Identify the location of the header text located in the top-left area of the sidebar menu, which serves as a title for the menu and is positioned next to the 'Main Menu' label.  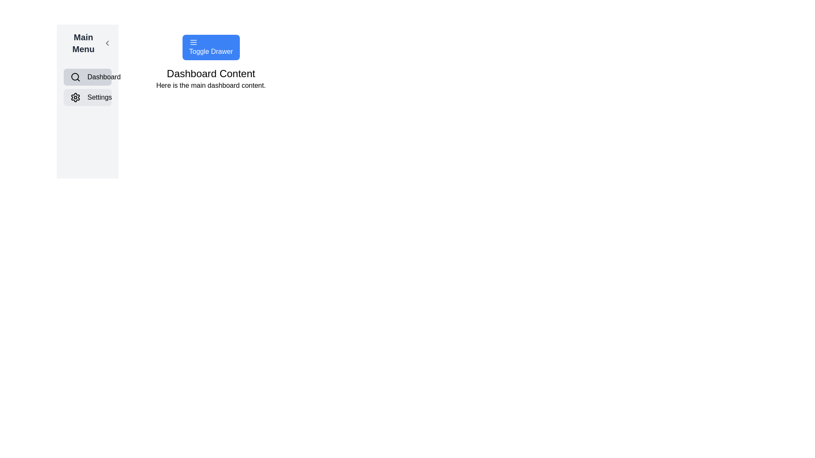
(83, 43).